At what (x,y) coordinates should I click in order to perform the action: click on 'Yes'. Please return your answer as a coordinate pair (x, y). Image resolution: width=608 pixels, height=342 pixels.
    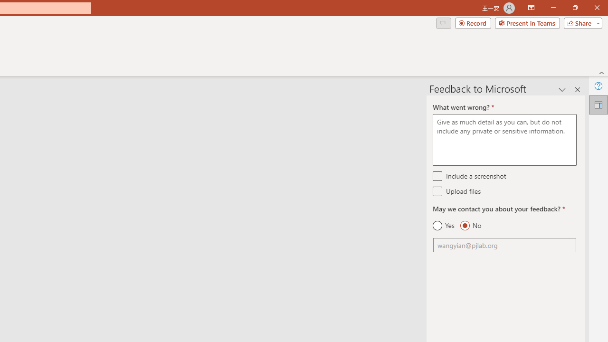
    Looking at the image, I should click on (443, 226).